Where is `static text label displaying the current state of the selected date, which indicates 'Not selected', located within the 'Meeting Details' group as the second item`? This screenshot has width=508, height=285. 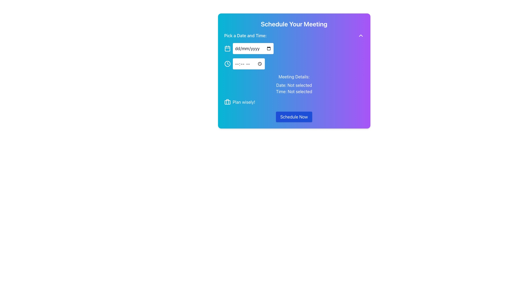 static text label displaying the current state of the selected date, which indicates 'Not selected', located within the 'Meeting Details' group as the second item is located at coordinates (294, 85).